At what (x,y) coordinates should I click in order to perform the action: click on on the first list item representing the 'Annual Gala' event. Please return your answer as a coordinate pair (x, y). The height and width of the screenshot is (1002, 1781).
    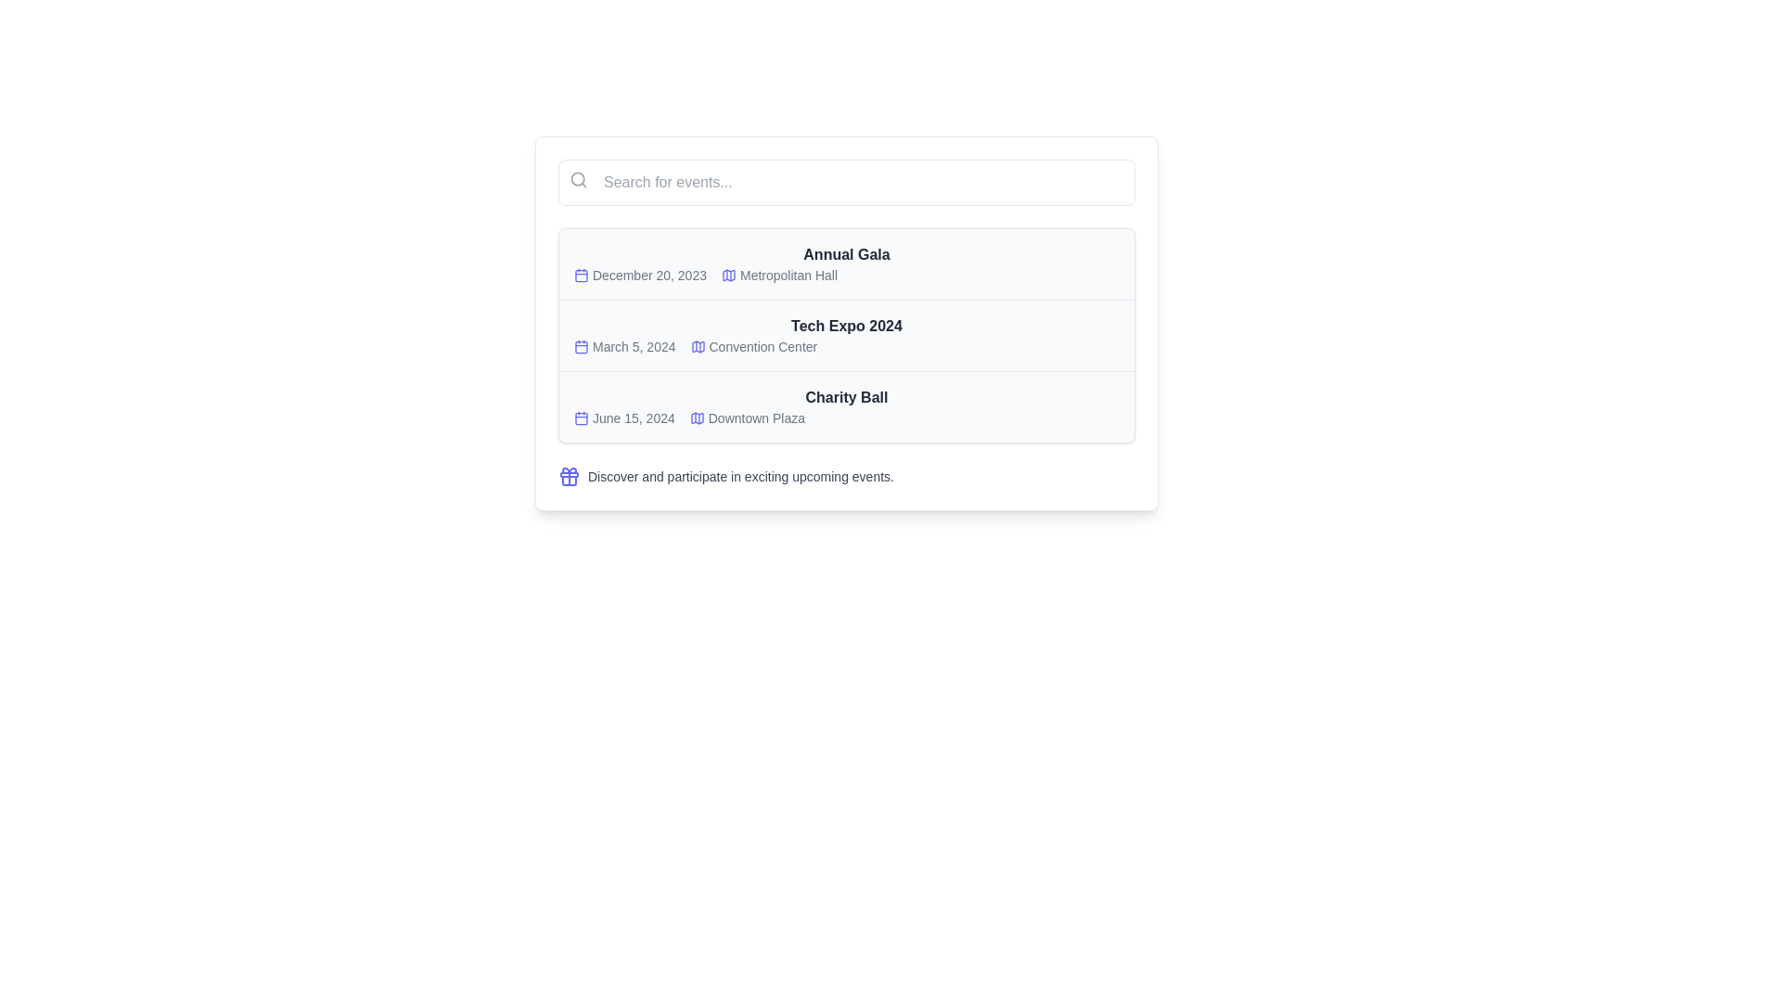
    Looking at the image, I should click on (845, 264).